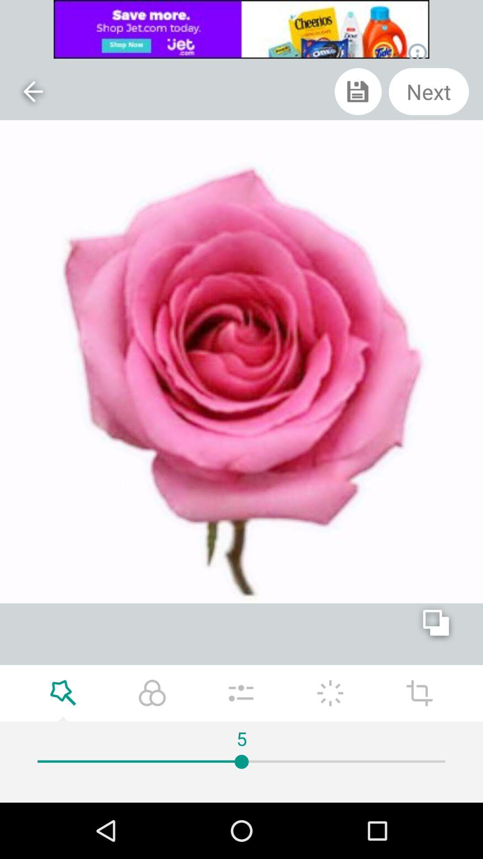  I want to click on icon left to next at the top right corner, so click(358, 91).